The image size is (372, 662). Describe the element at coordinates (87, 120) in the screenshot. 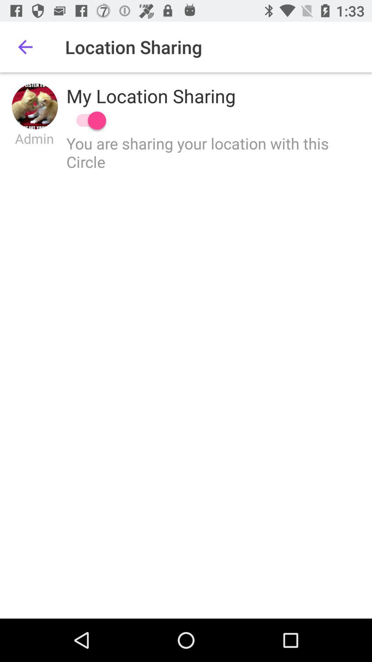

I see `switch sharing location` at that location.